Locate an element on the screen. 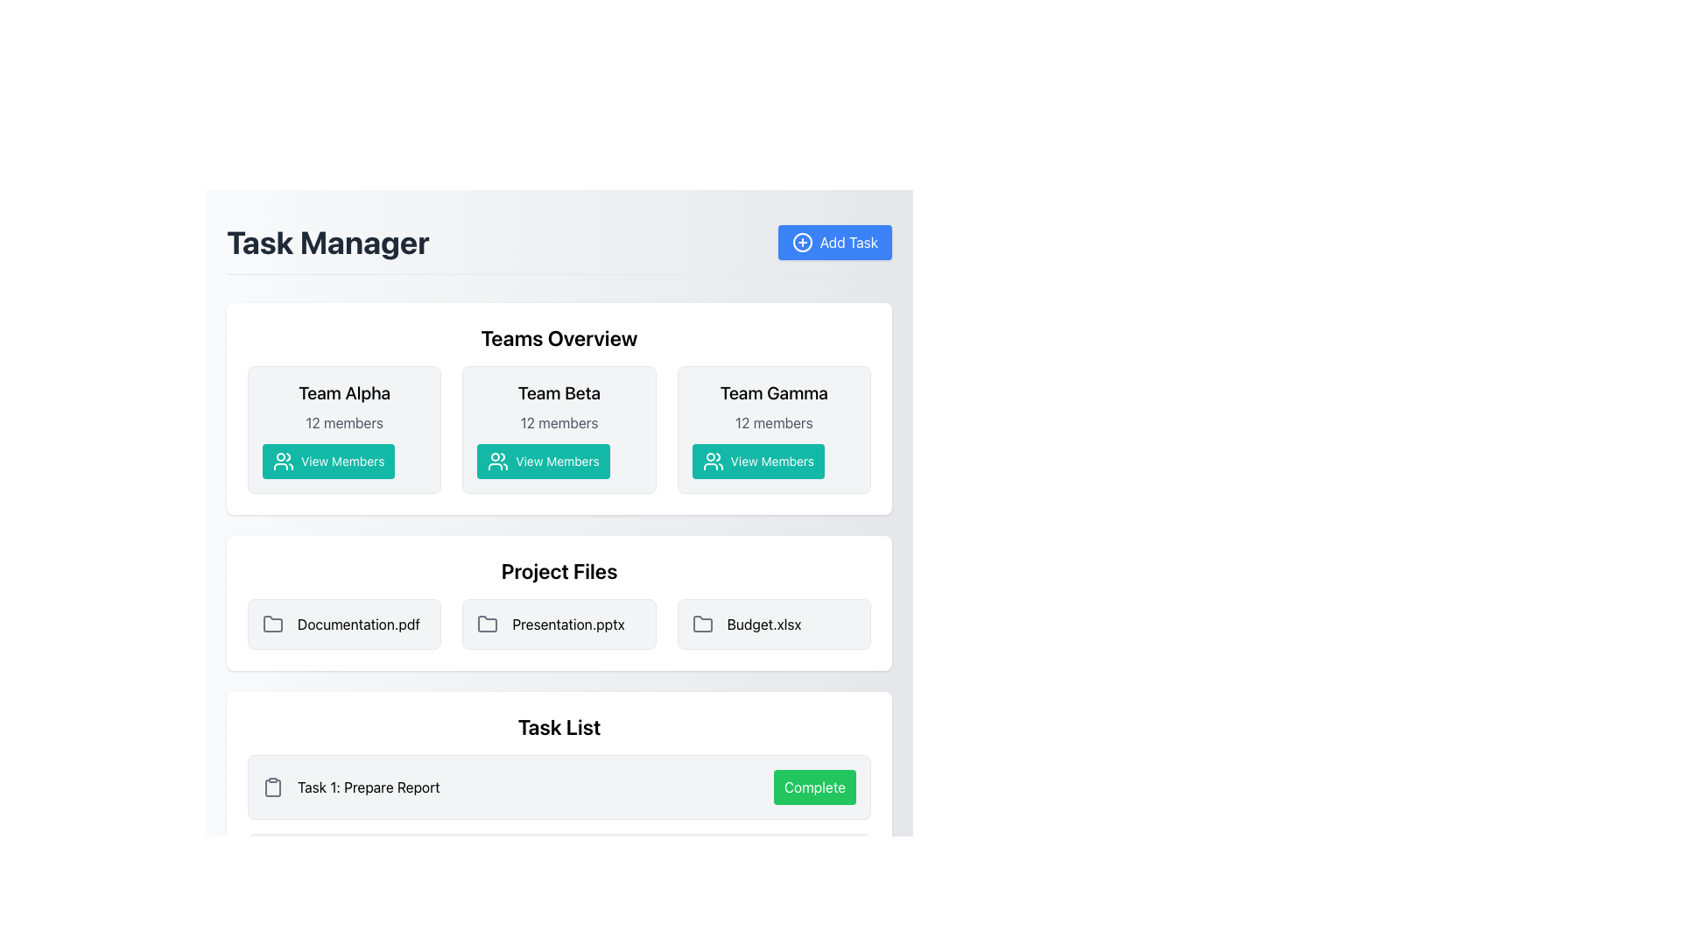 The width and height of the screenshot is (1681, 946). the members' icon, which is a teal-colored icon depicting two user figures, located on the 'View Members' button in the 'Team Gamma' card within the 'Teams Overview' section is located at coordinates (713, 461).